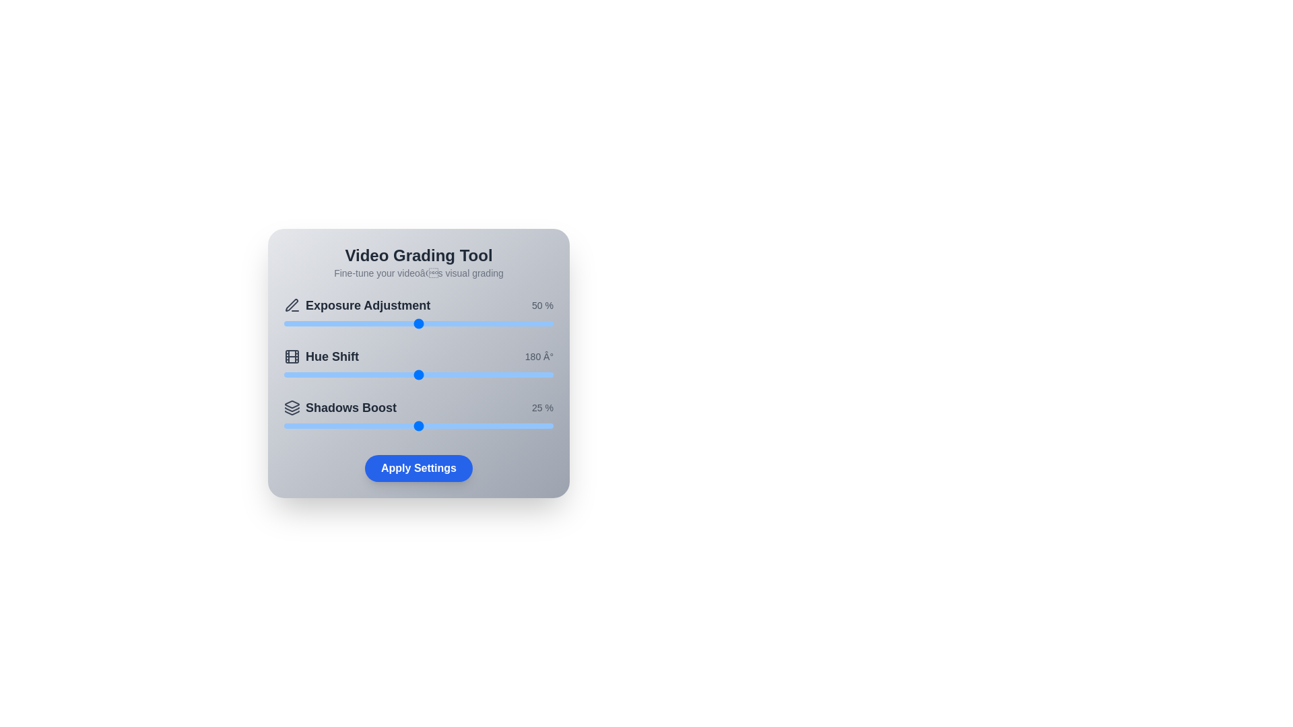 This screenshot has width=1293, height=727. What do you see at coordinates (291, 355) in the screenshot?
I see `the 'Hue Shift' icon located to the left of the 'Hue Shift' text in the central section of the interface` at bounding box center [291, 355].